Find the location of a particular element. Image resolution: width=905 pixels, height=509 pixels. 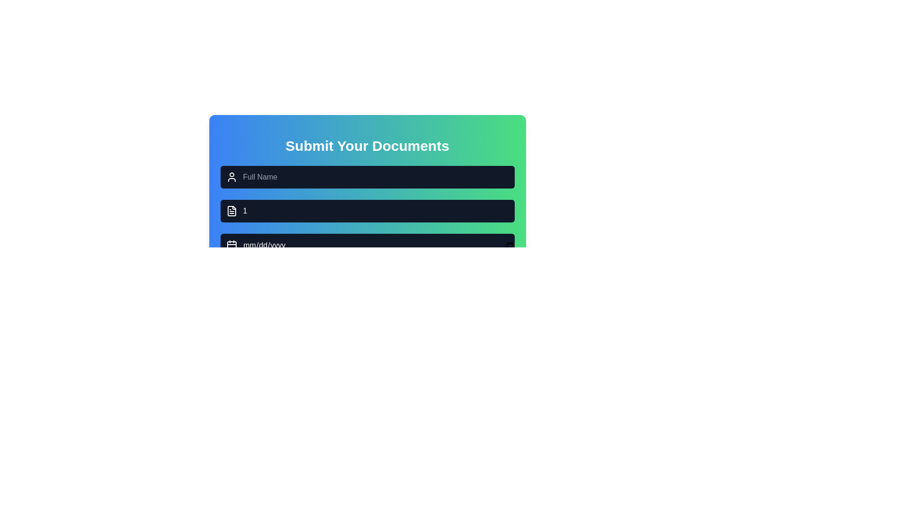

header text element at the top center of the interface that guides users in submitting their documents is located at coordinates (367, 146).